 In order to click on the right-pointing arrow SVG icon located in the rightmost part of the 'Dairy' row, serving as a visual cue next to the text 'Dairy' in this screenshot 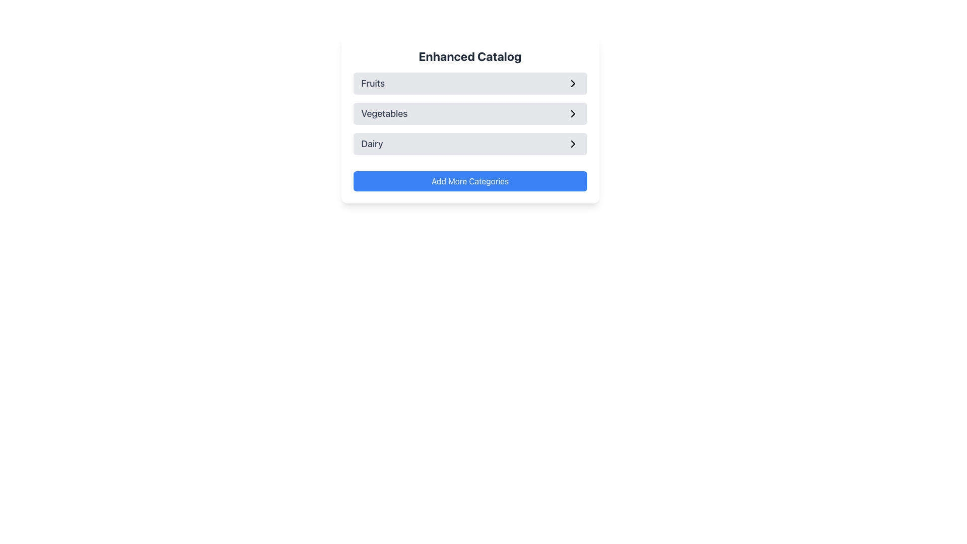, I will do `click(573, 144)`.